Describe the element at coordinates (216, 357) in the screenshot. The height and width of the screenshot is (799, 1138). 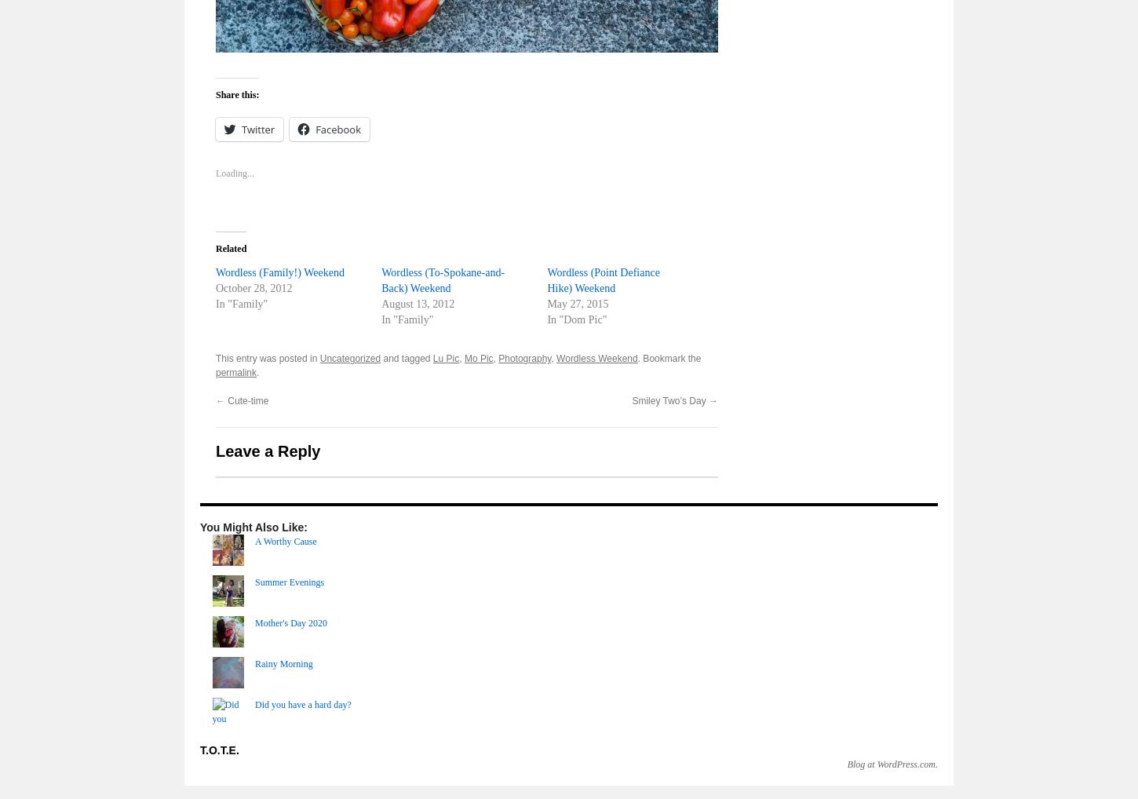
I see `'This entry was posted in'` at that location.